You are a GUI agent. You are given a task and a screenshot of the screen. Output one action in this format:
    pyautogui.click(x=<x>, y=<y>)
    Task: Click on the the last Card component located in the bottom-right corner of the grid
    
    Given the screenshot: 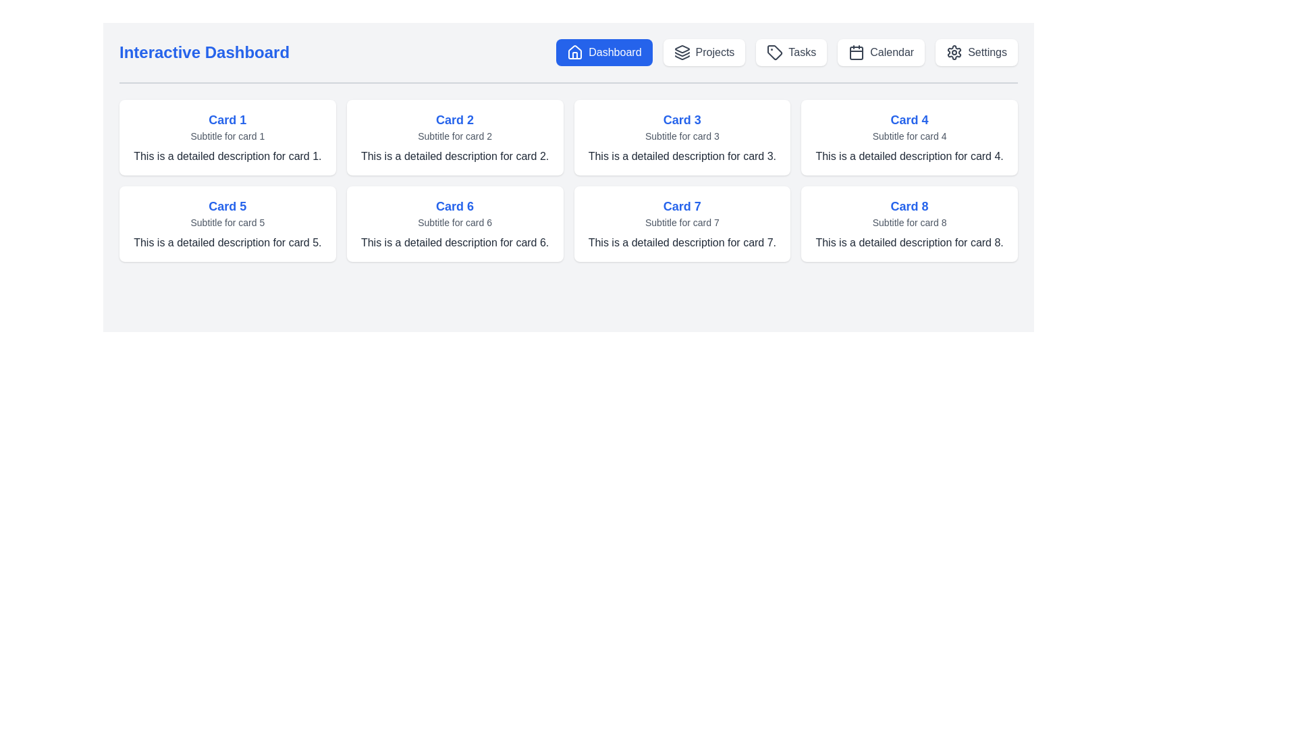 What is the action you would take?
    pyautogui.click(x=909, y=223)
    